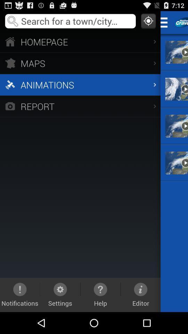 This screenshot has height=334, width=188. Describe the element at coordinates (60, 294) in the screenshot. I see `the settings item` at that location.